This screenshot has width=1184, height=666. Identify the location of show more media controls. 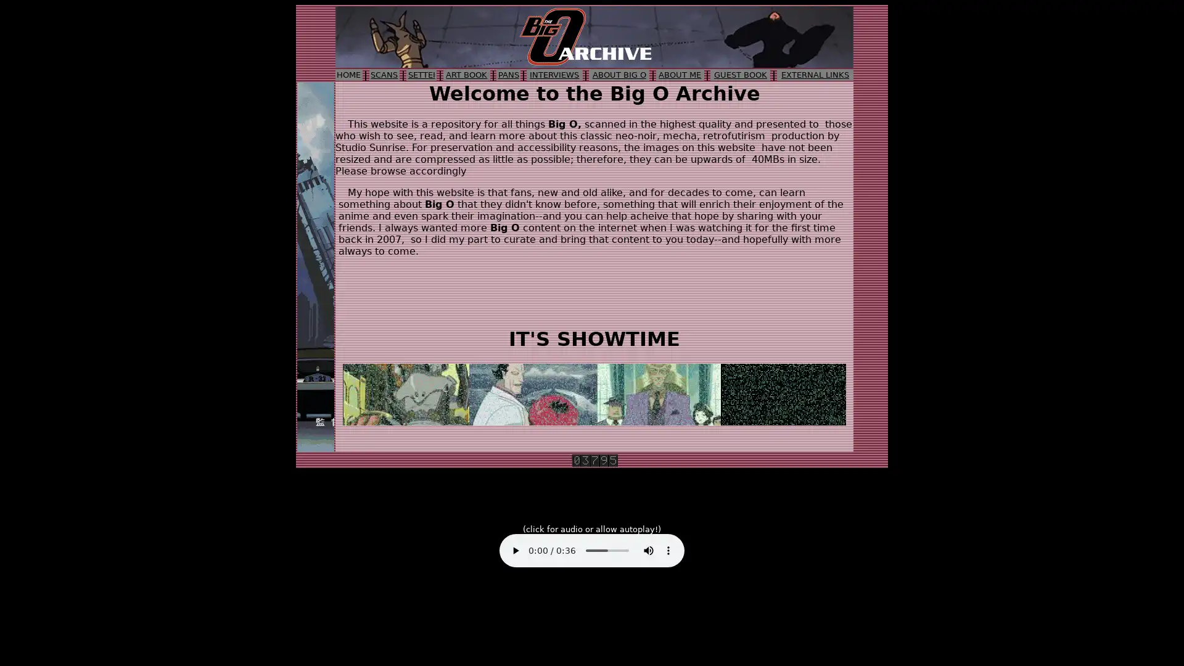
(668, 550).